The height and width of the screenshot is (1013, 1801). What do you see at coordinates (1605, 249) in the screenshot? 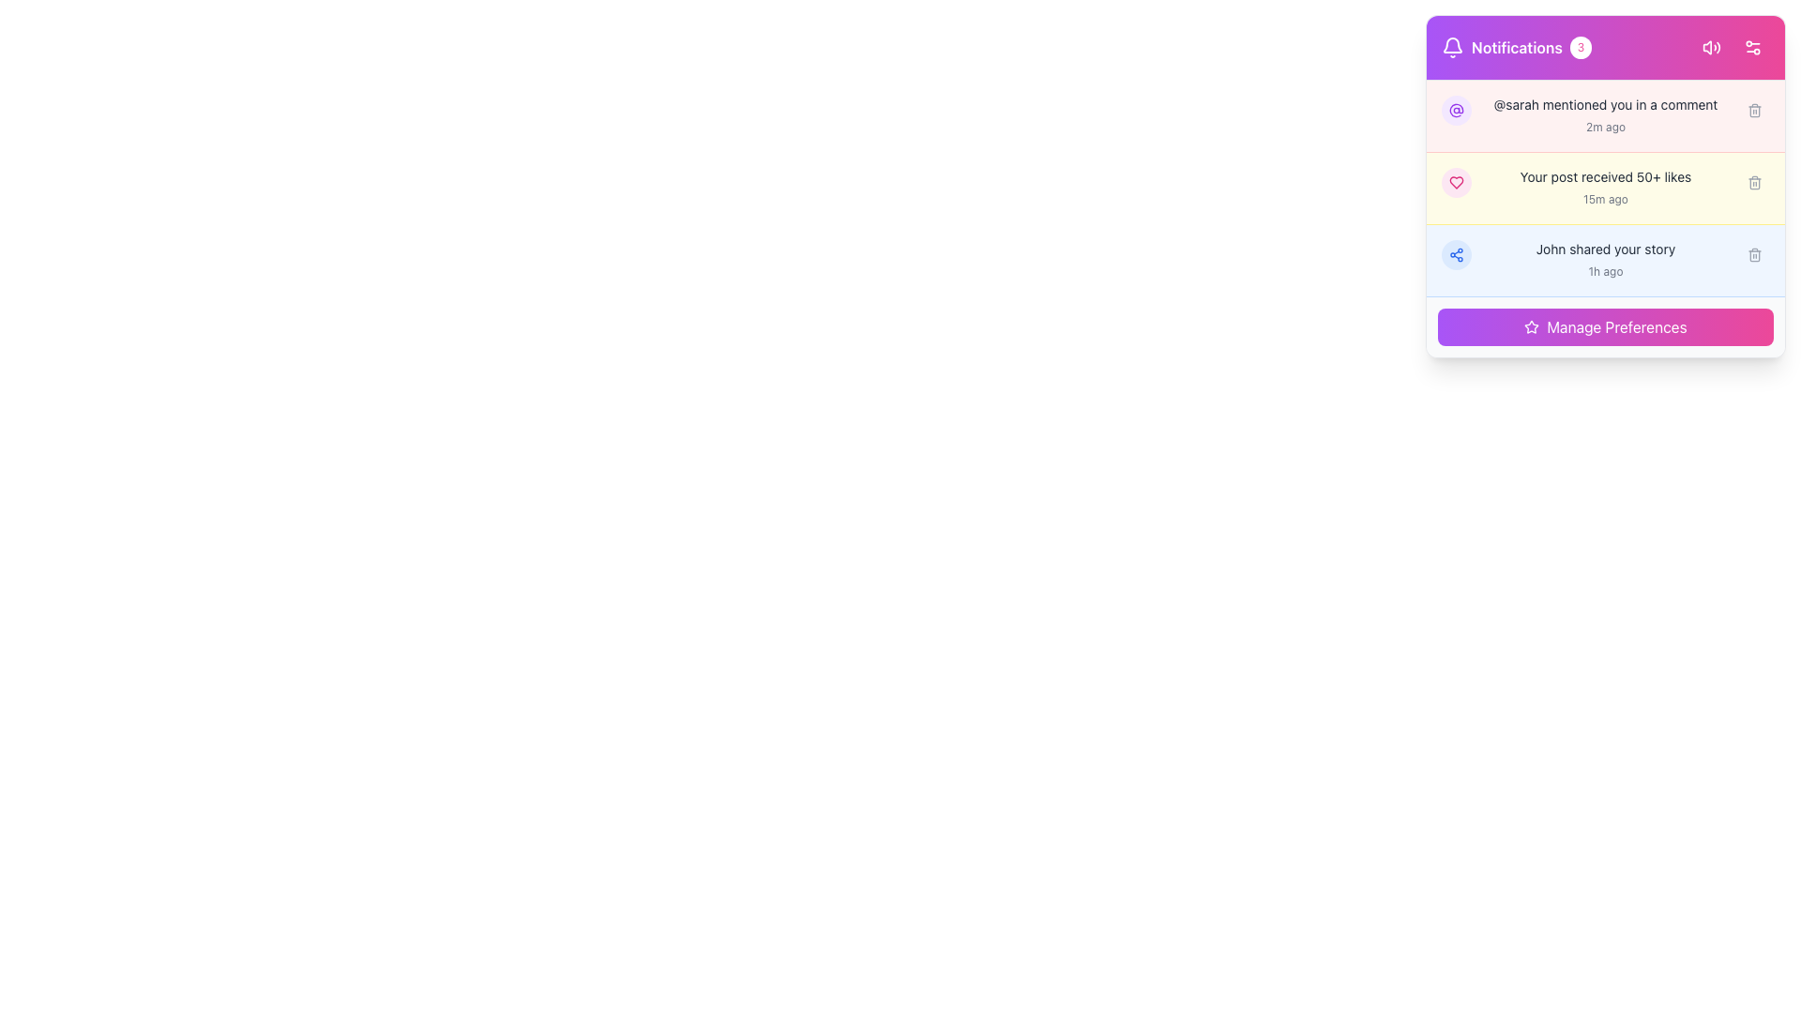
I see `the text label reading 'John shared your story' in the notification panel` at bounding box center [1605, 249].